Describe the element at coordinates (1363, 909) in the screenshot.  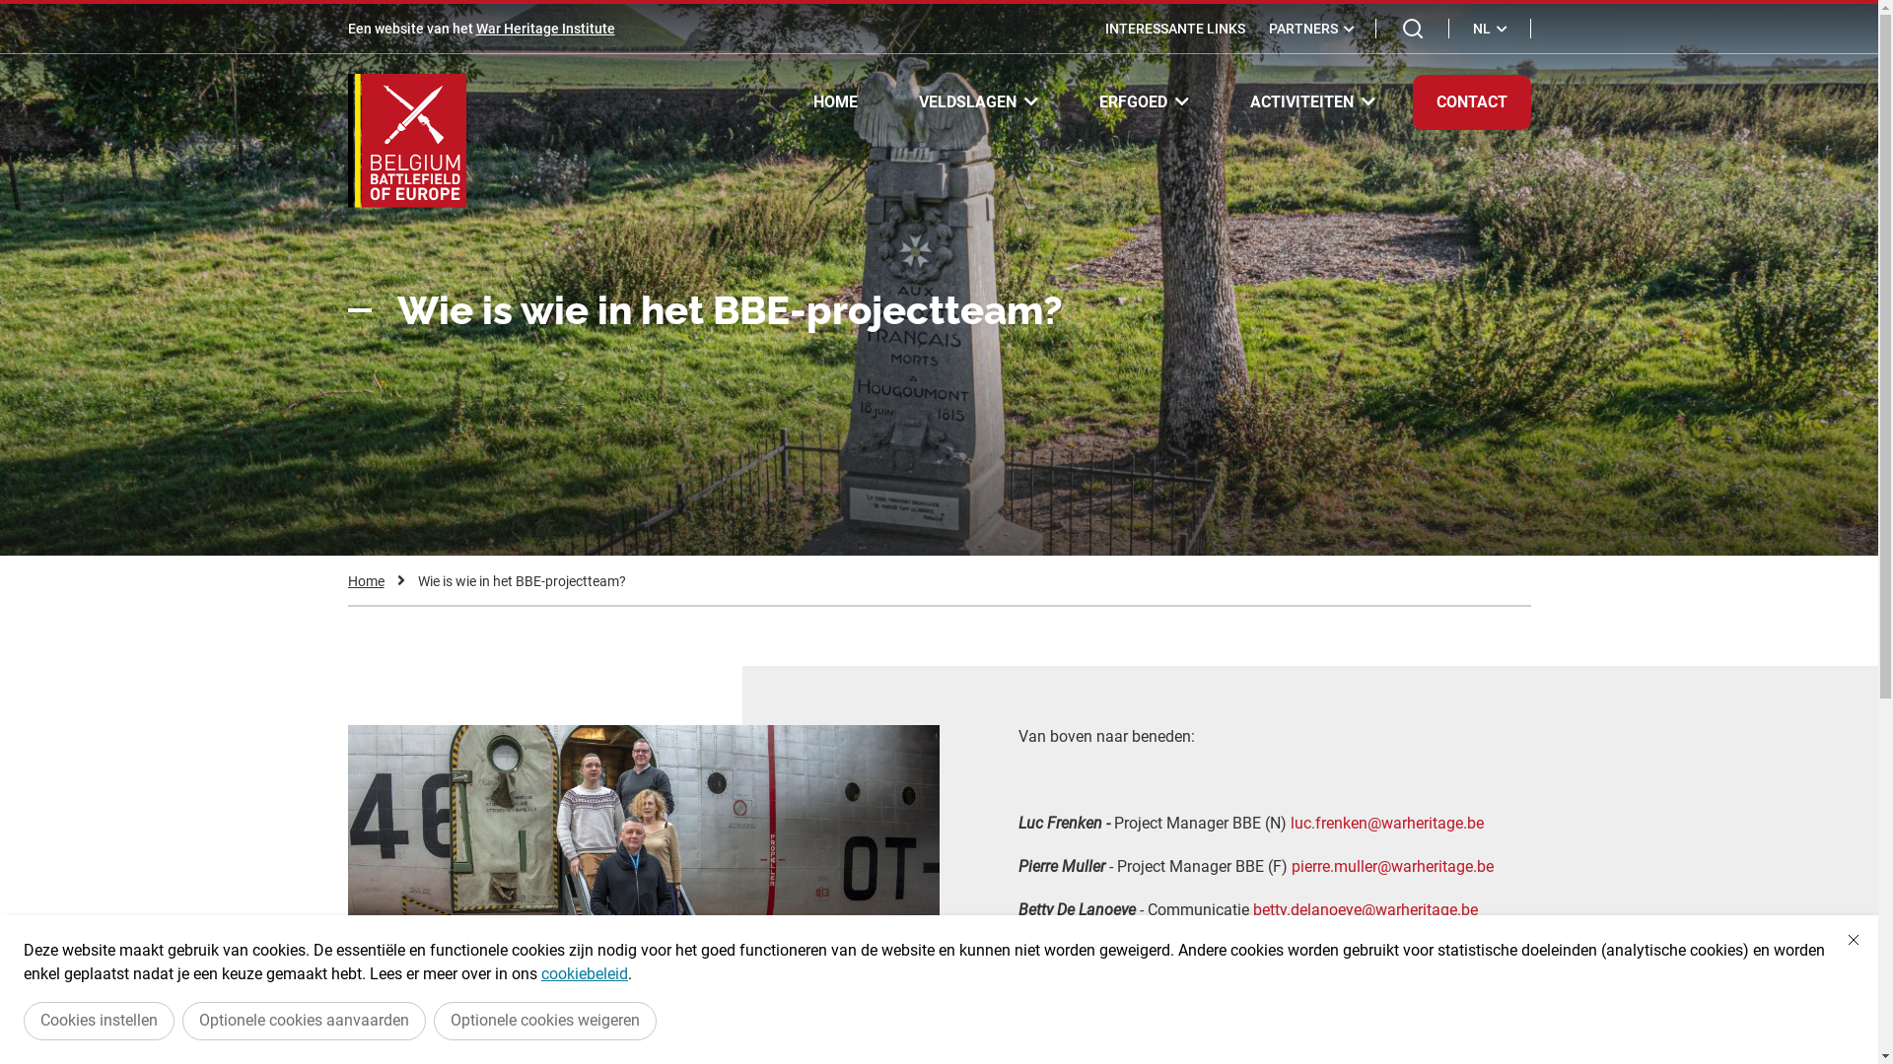
I see `'betty.delanoeye@warheritage.be'` at that location.